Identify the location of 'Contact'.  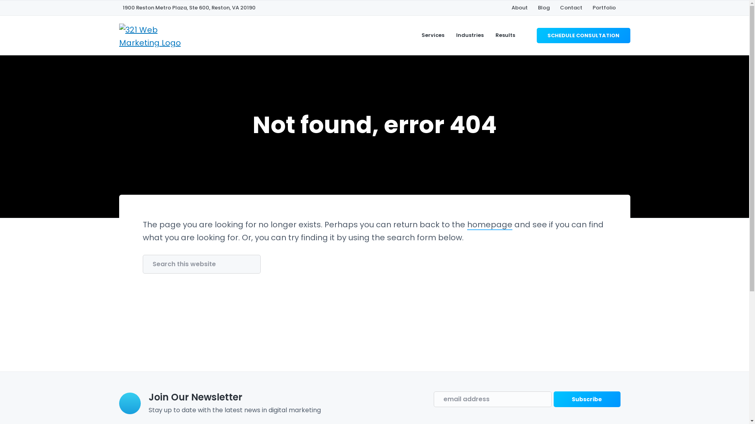
(571, 7).